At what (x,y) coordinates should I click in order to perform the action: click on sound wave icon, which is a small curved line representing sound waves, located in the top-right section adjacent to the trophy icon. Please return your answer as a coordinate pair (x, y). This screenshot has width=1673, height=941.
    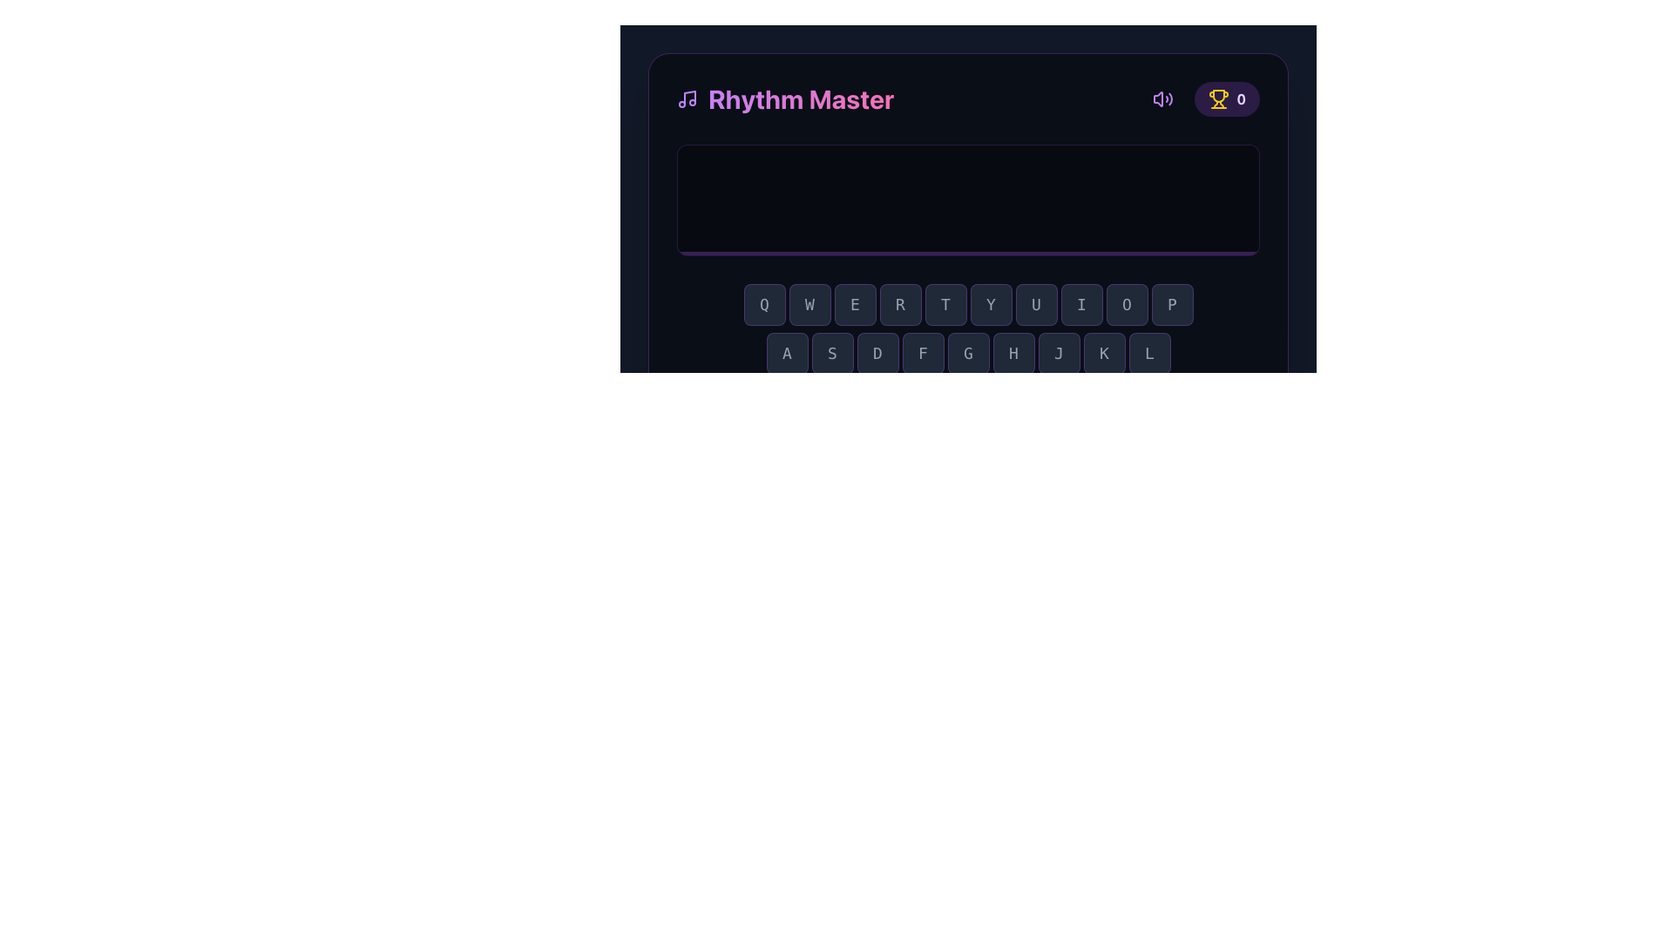
    Looking at the image, I should click on (1171, 99).